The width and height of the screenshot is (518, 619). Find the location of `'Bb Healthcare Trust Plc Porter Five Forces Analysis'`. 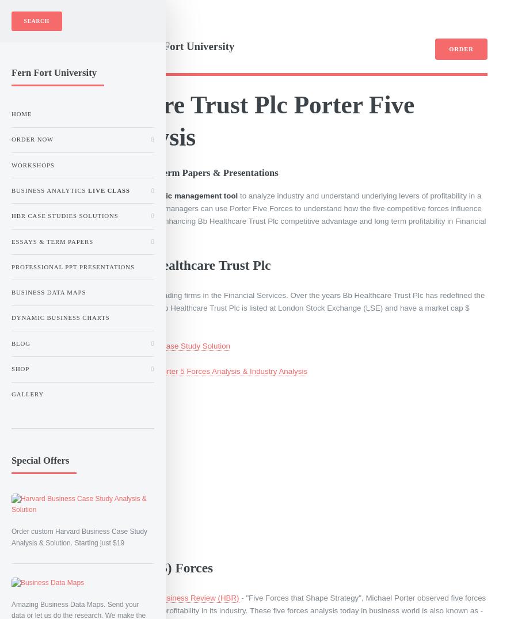

'Bb Healthcare Trust Plc Porter Five Forces Analysis' is located at coordinates (30, 120).